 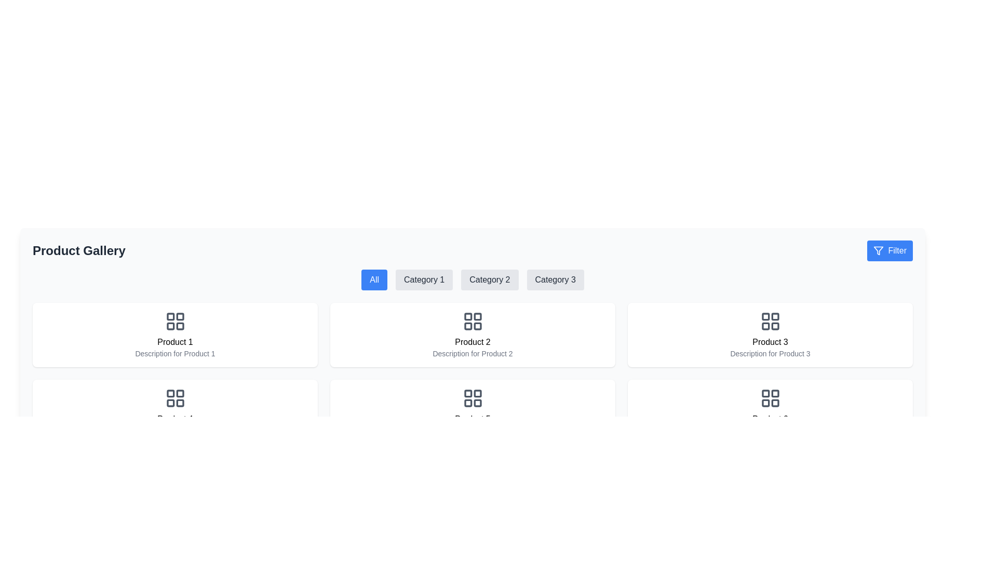 What do you see at coordinates (770, 335) in the screenshot?
I see `to select the 'Product 3' card located in the top-right section of the grid layout, specifically in the third column of the first row` at bounding box center [770, 335].